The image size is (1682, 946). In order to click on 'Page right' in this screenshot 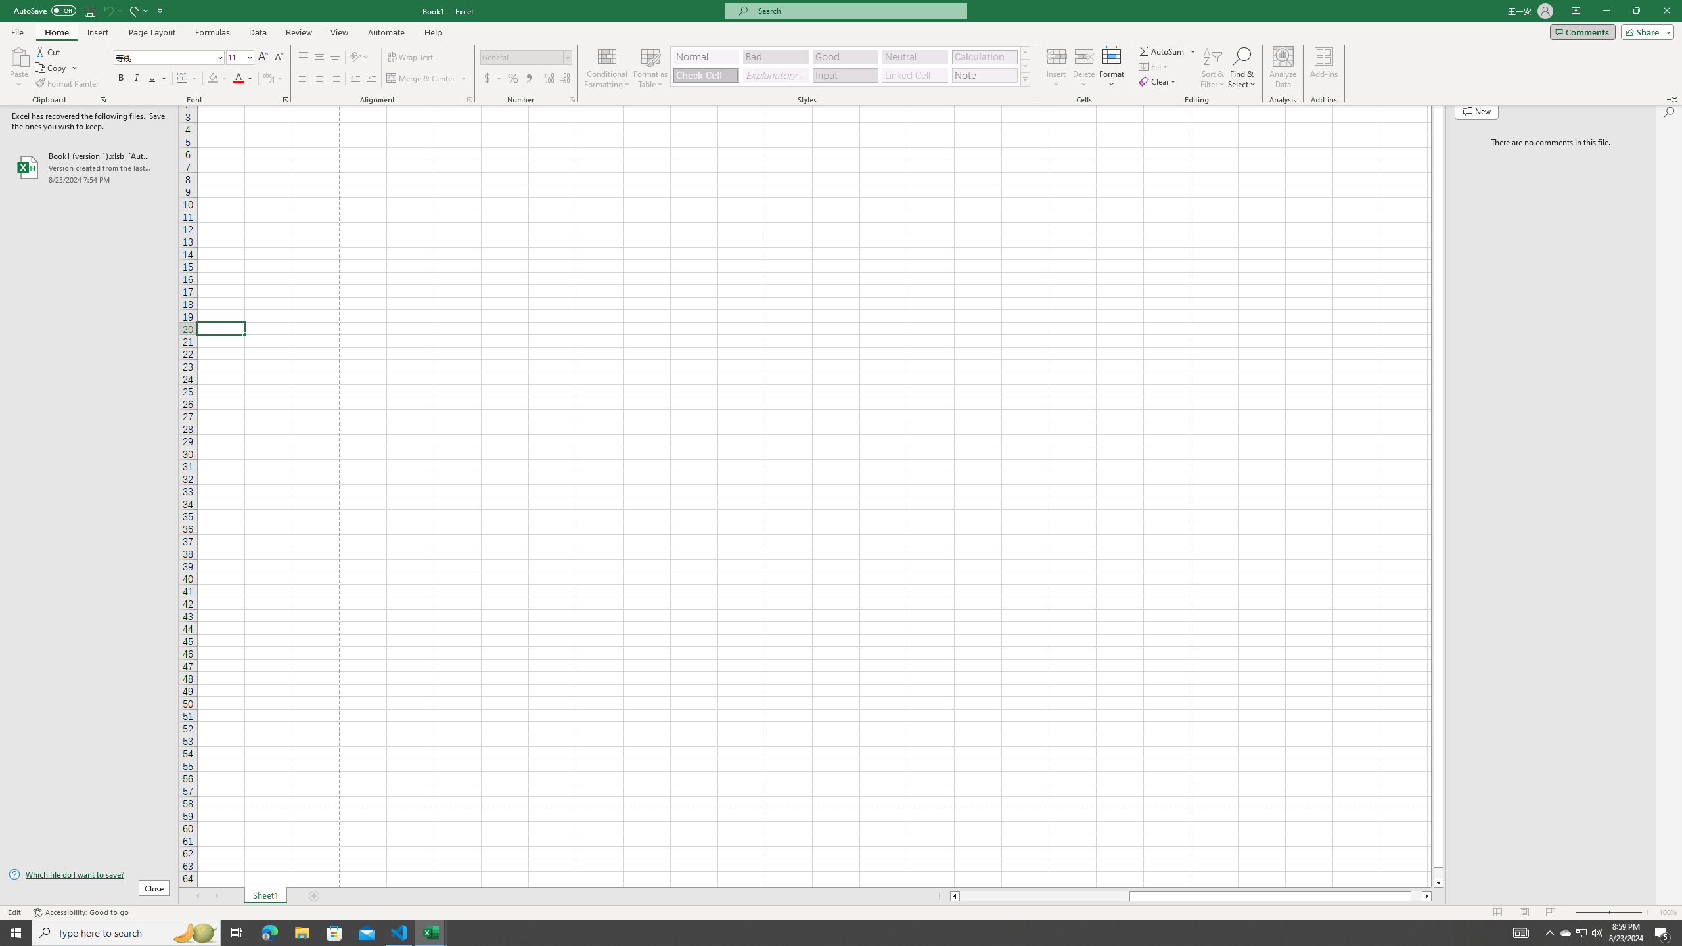, I will do `click(1416, 895)`.